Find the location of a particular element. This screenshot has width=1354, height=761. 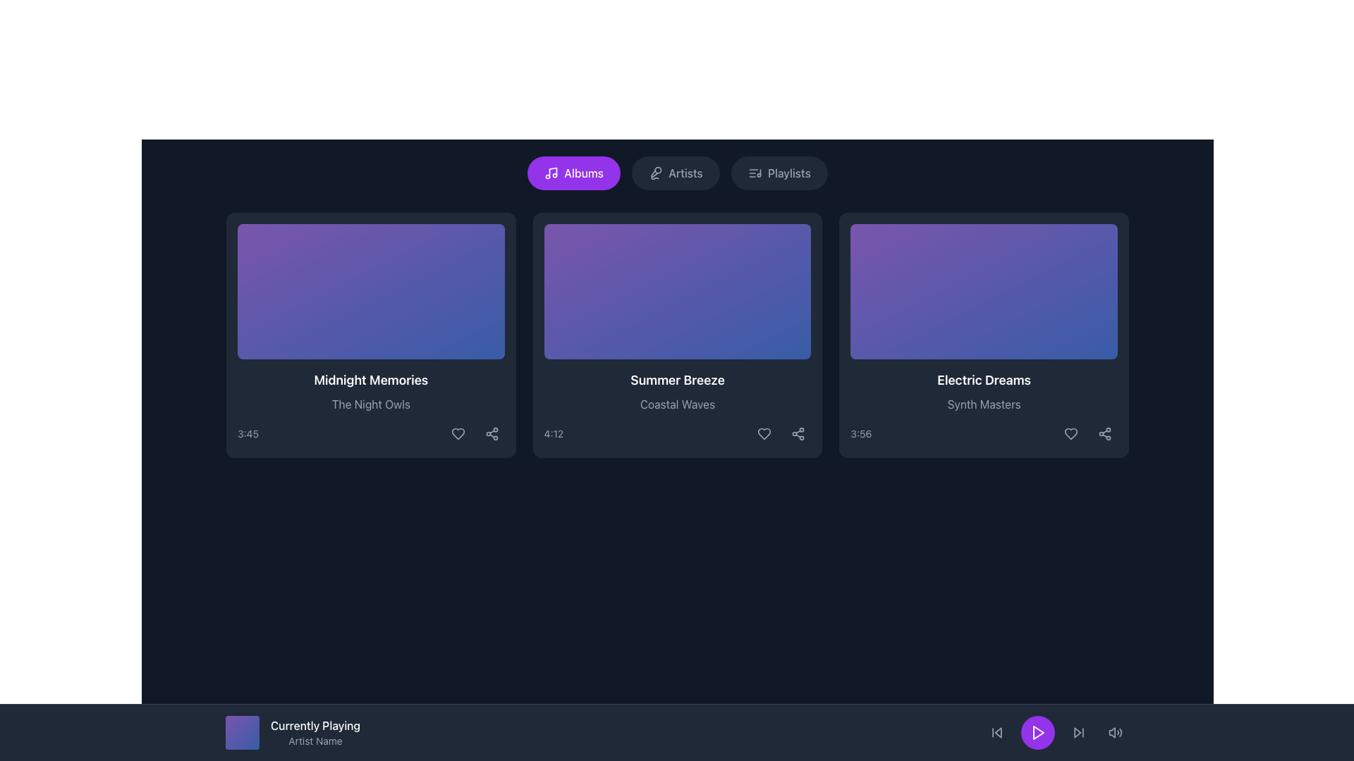

the first content card in the horizontal grid is located at coordinates (371, 335).